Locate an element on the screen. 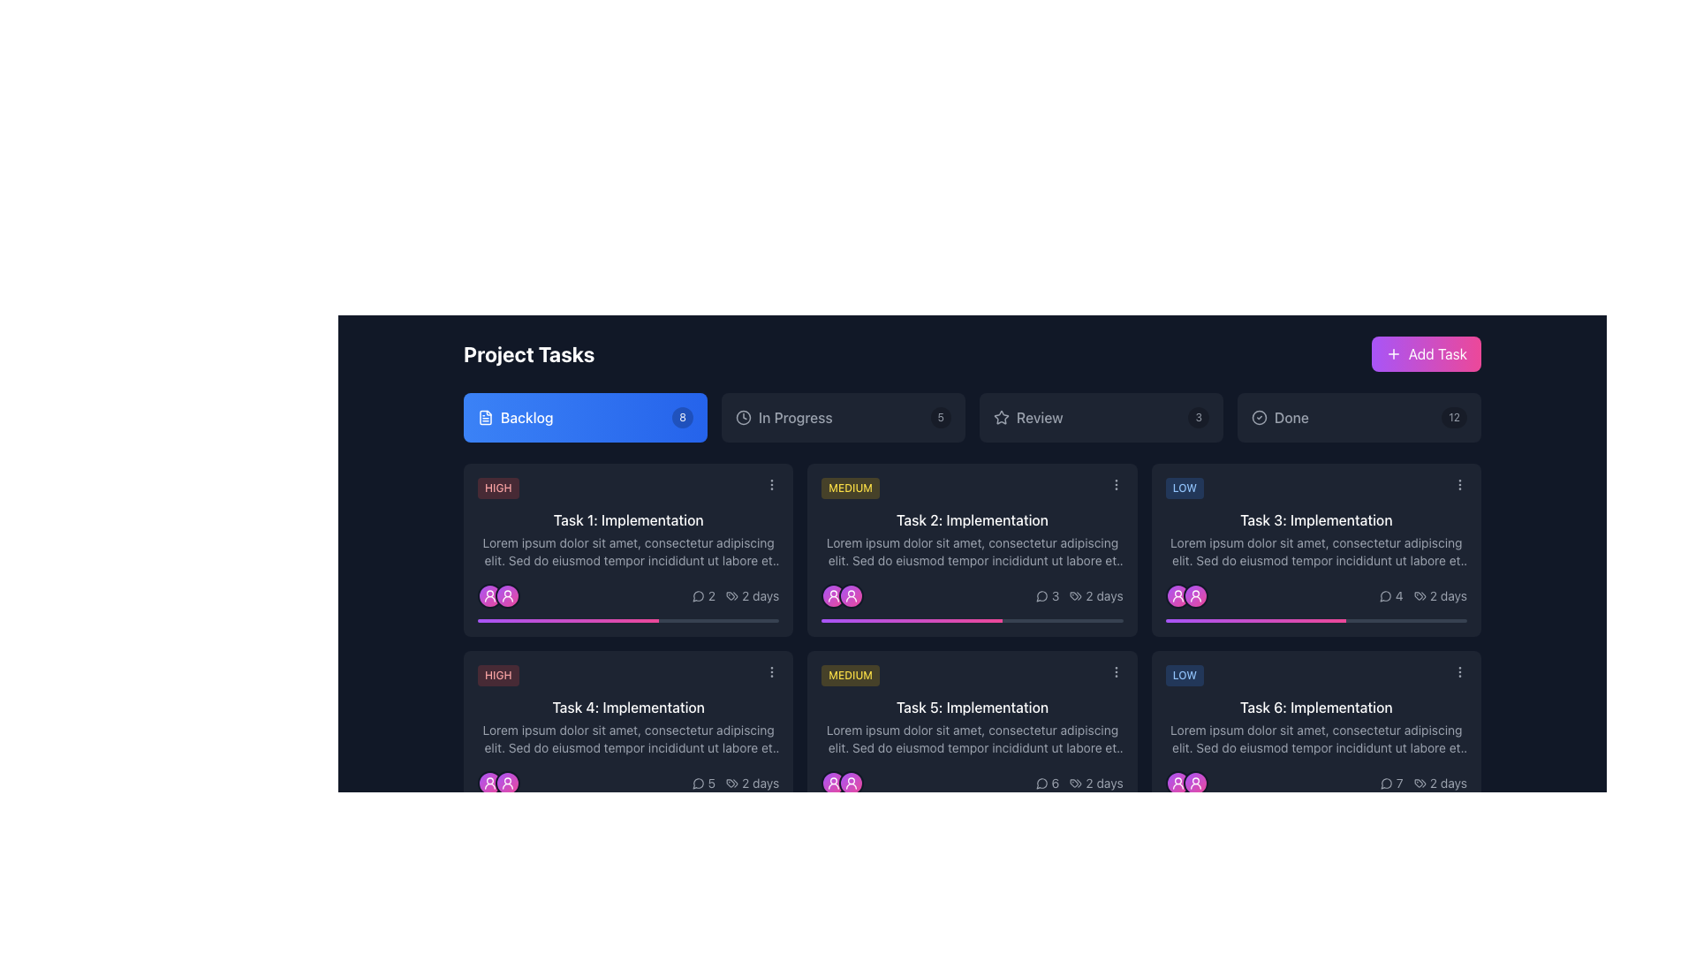  text content of the text label titled 'Task 2: Implementation', which is located under the 'MEDIUM' yellow badge on the task card in the backlog section is located at coordinates (971, 519).